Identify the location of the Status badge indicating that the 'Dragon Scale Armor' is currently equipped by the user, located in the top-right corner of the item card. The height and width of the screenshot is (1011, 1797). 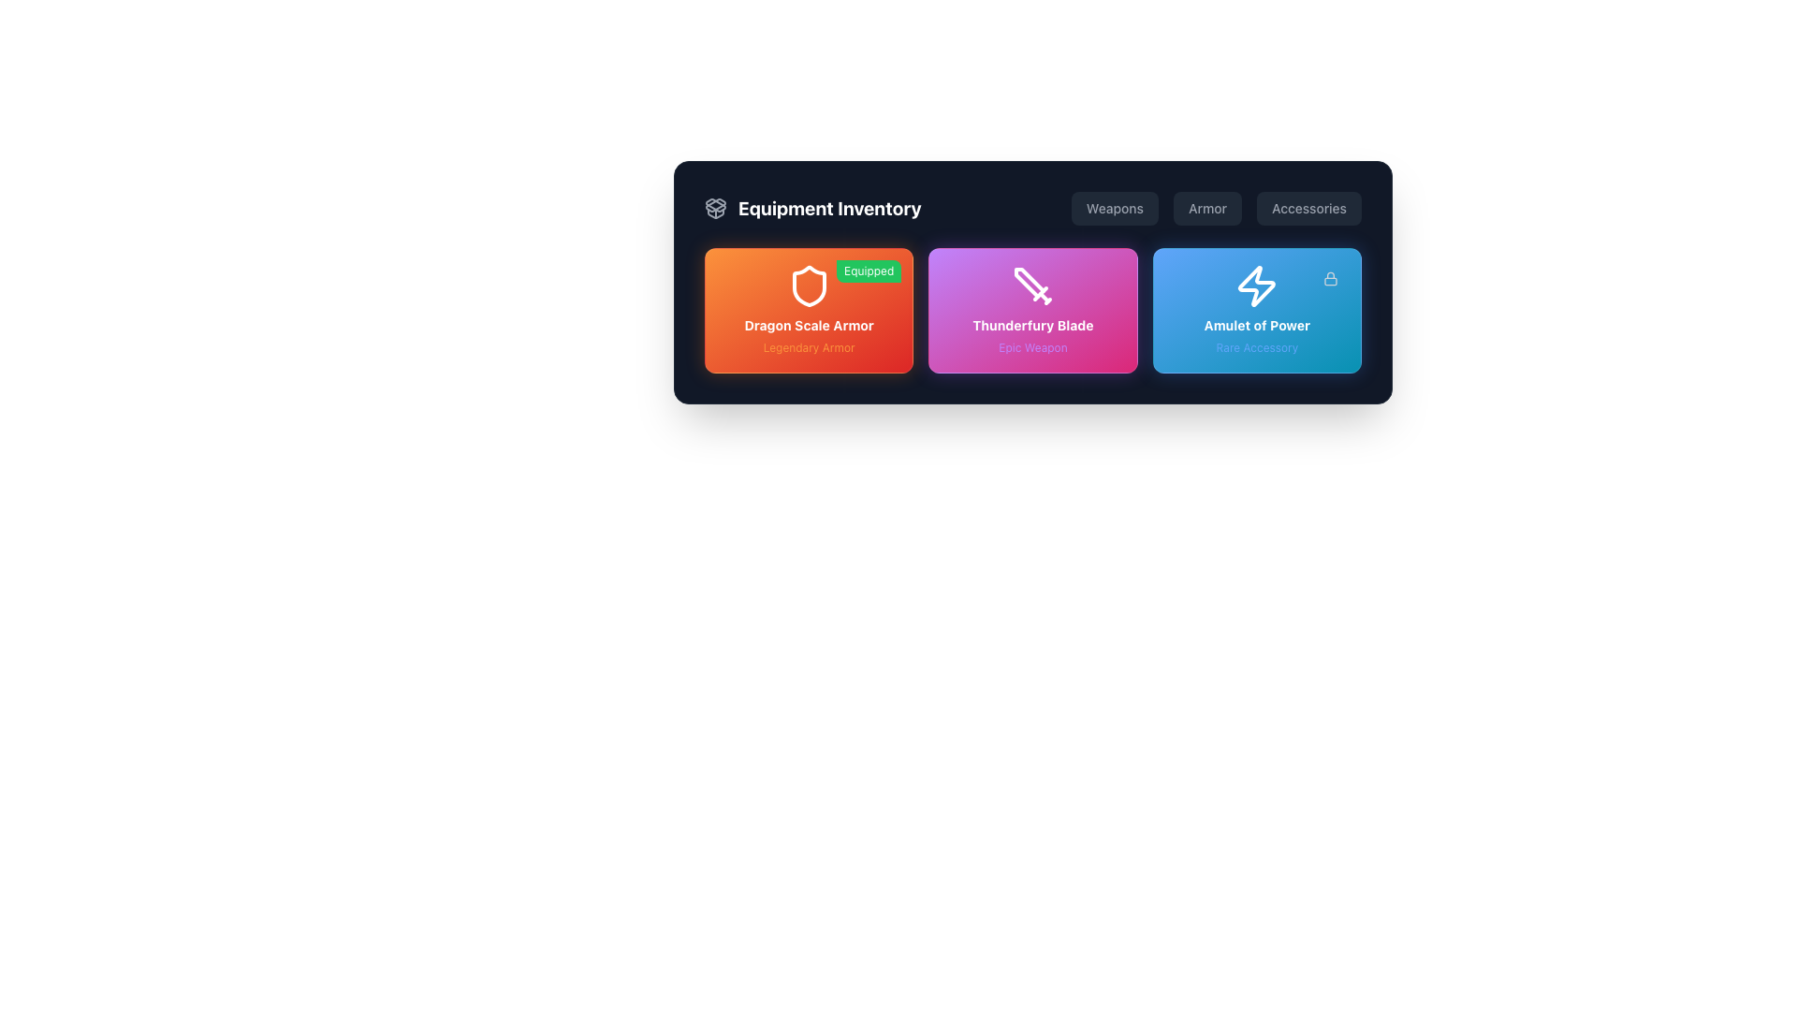
(868, 271).